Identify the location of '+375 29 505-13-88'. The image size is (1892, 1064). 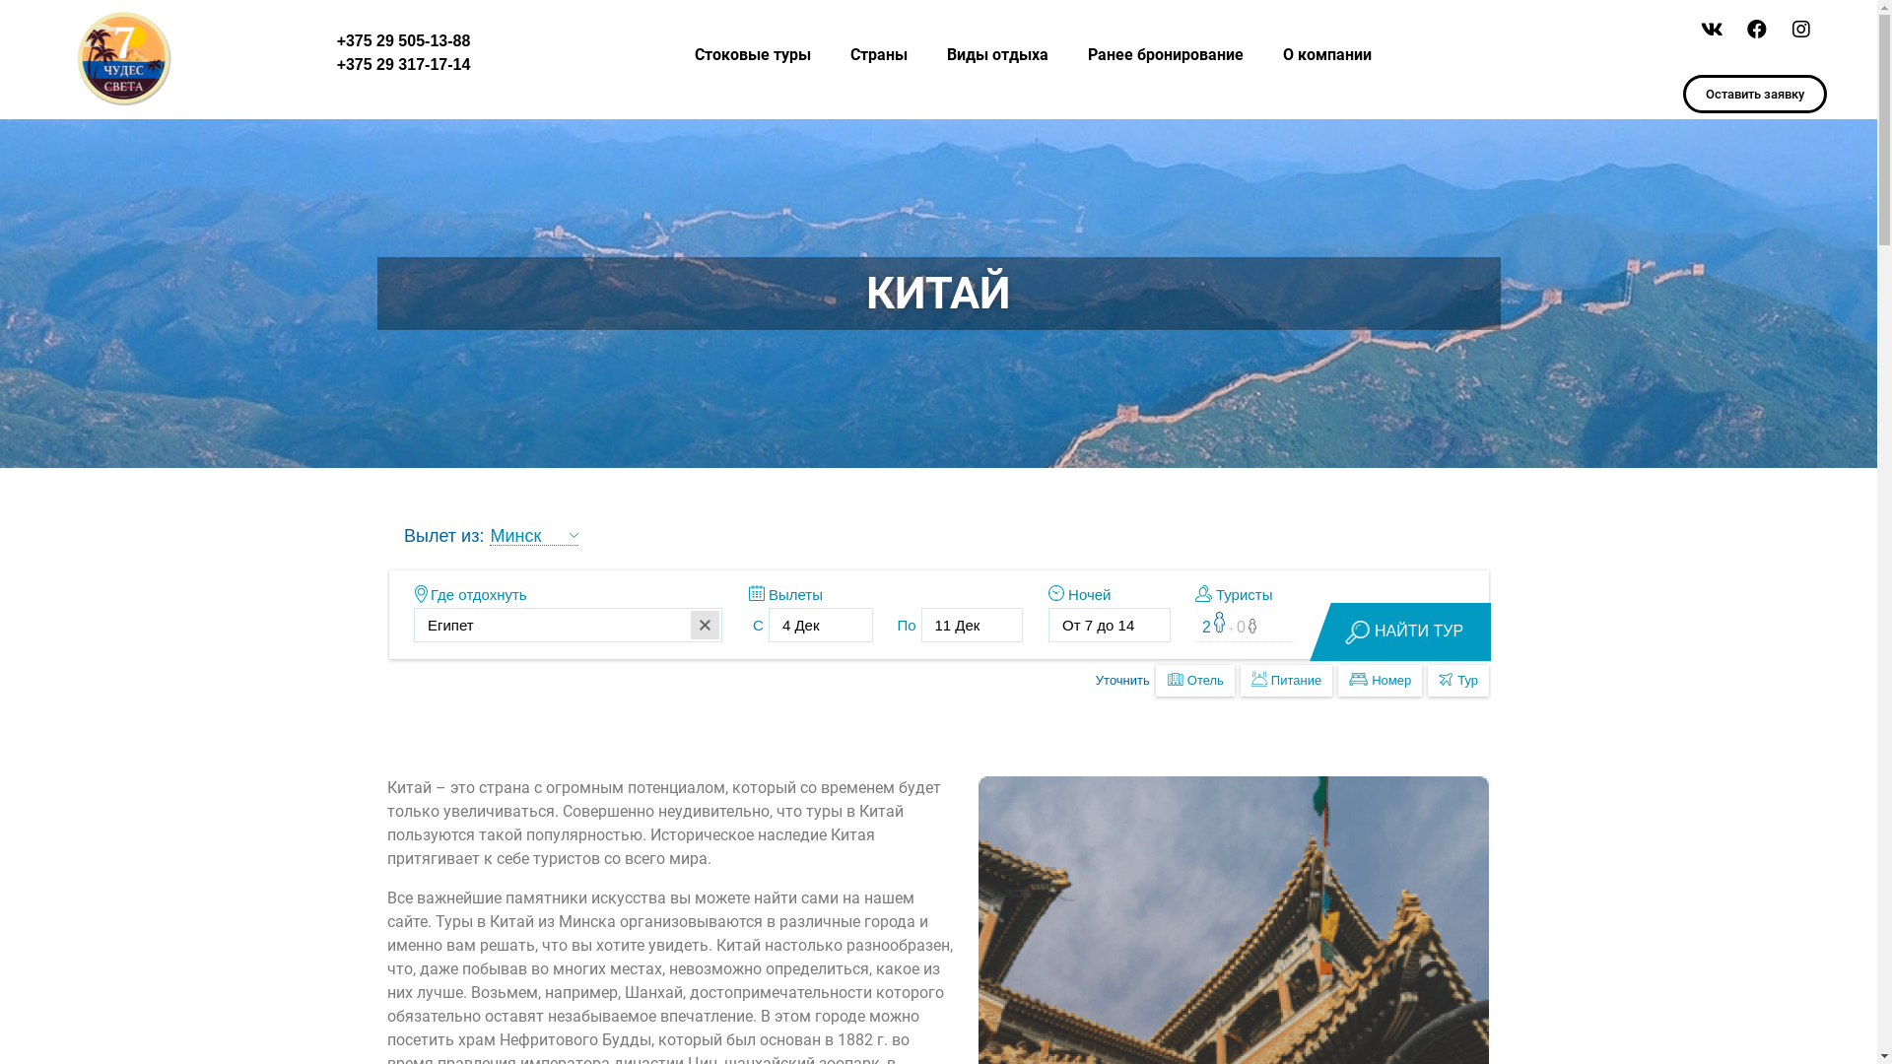
(402, 40).